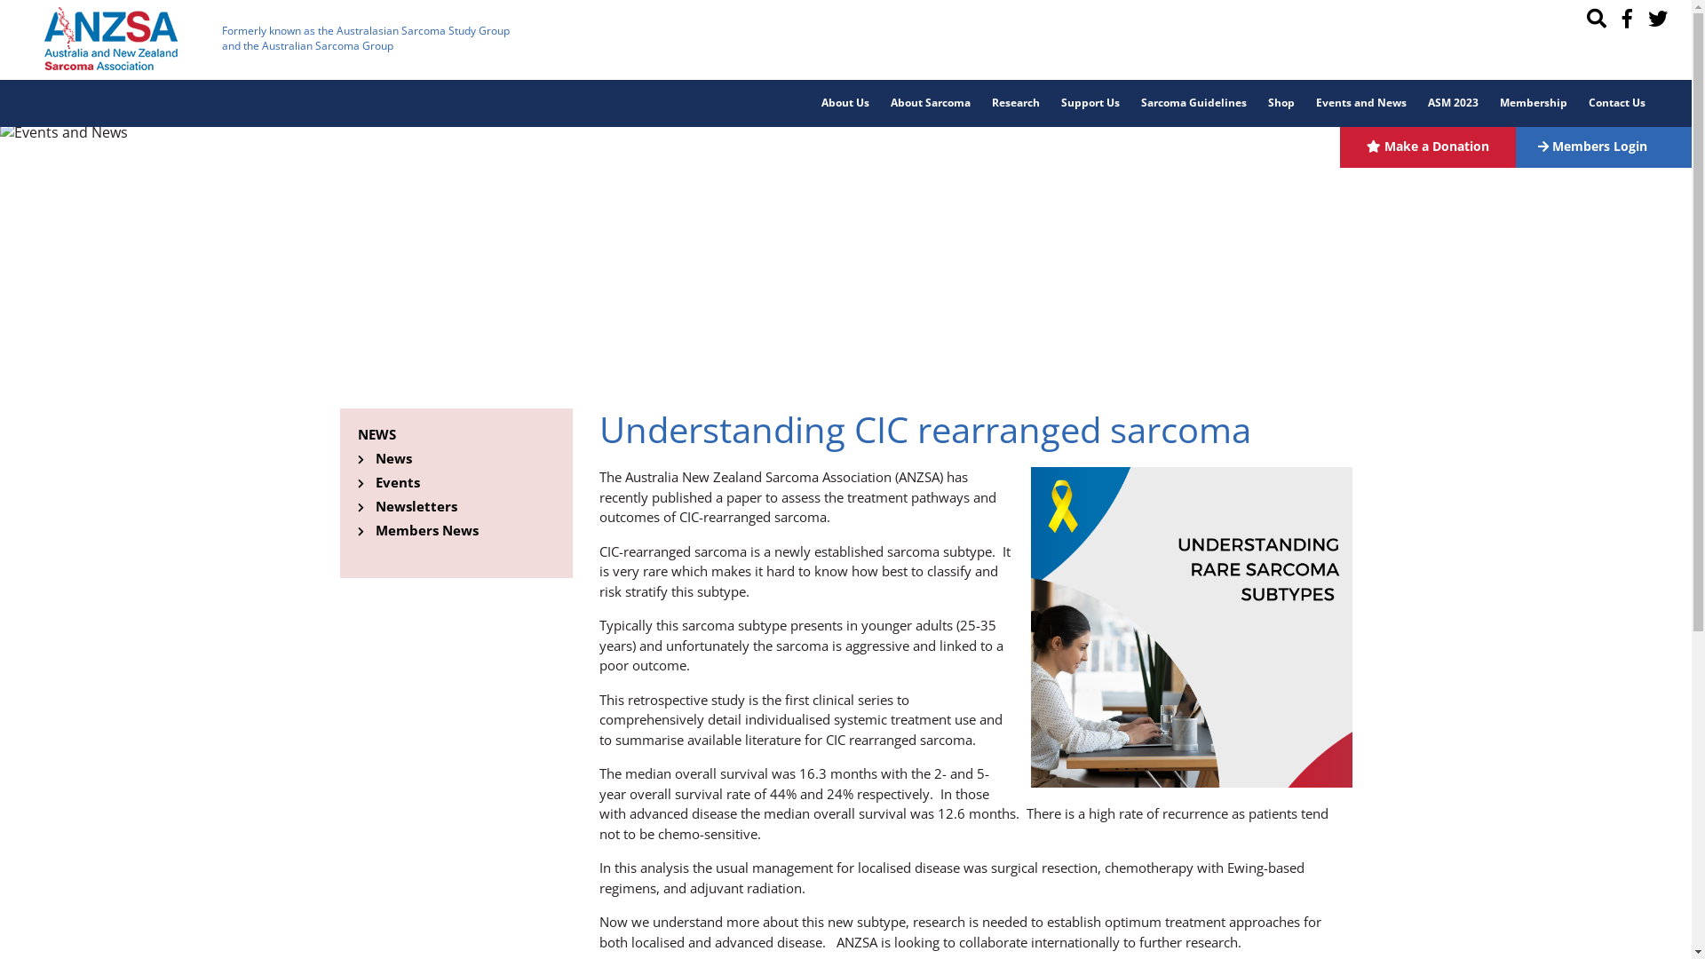  Describe the element at coordinates (395, 482) in the screenshot. I see `'Events'` at that location.